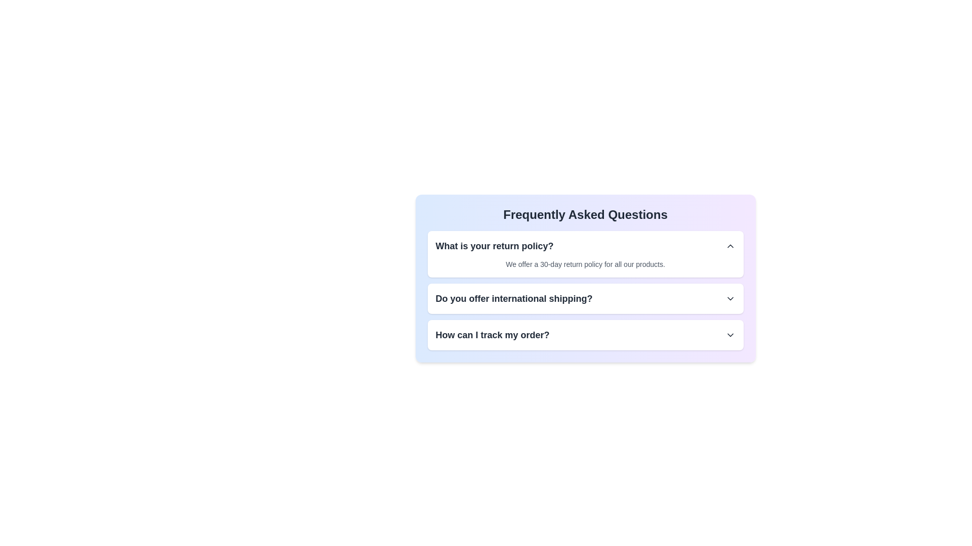 Image resolution: width=972 pixels, height=546 pixels. What do you see at coordinates (585, 214) in the screenshot?
I see `the FAQ section title to inspect it` at bounding box center [585, 214].